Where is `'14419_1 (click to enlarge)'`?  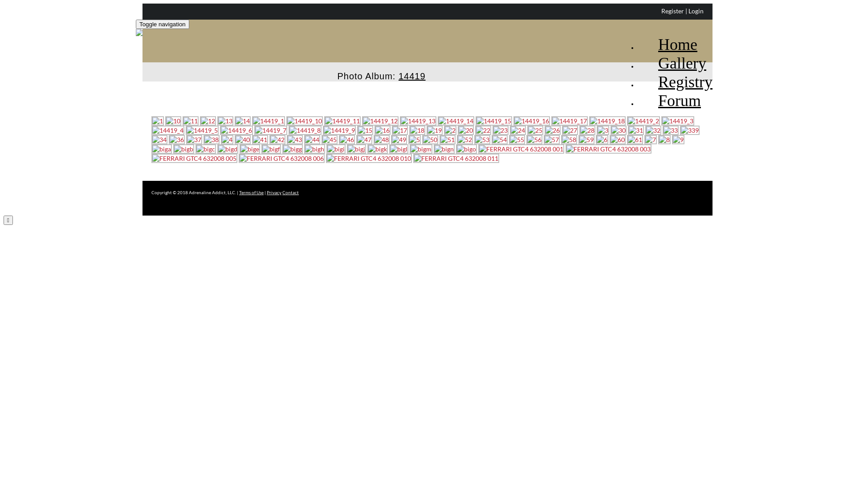 '14419_1 (click to enlarge)' is located at coordinates (268, 121).